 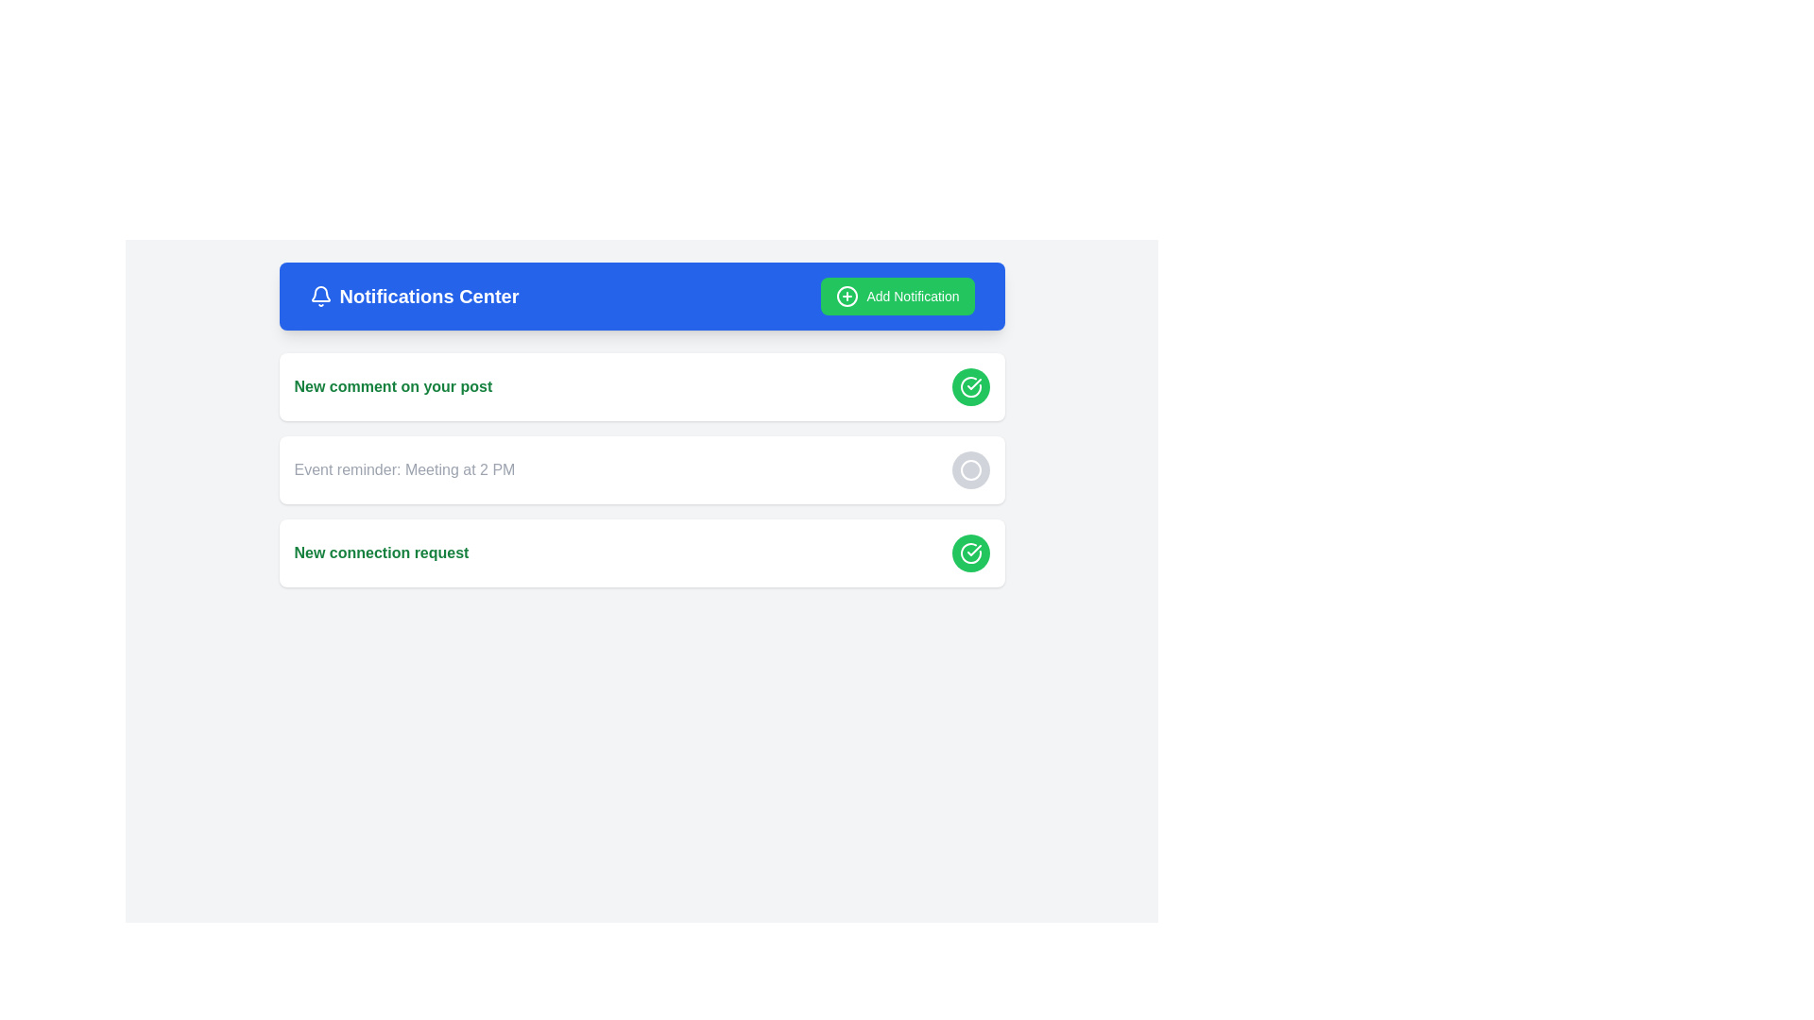 What do you see at coordinates (970, 468) in the screenshot?
I see `the SVG Circle graphic within the notification card titled 'Event reminder: Meeting at 2 PM'` at bounding box center [970, 468].